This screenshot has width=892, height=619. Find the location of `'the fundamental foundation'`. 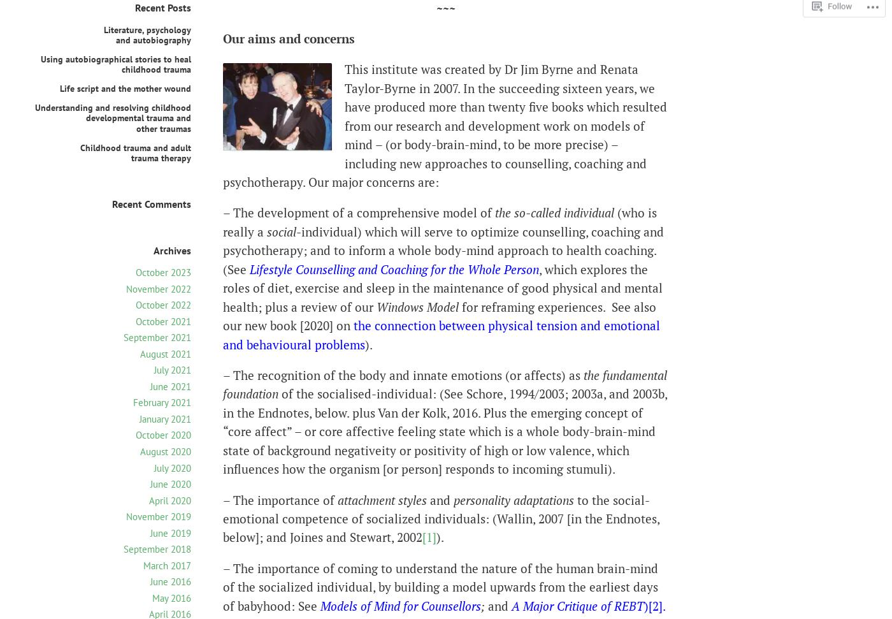

'the fundamental foundation' is located at coordinates (223, 383).